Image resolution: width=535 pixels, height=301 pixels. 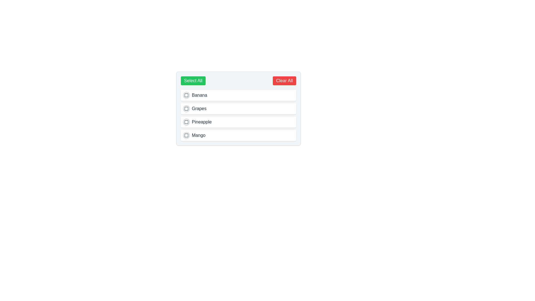 I want to click on the checkbox, so click(x=186, y=108).